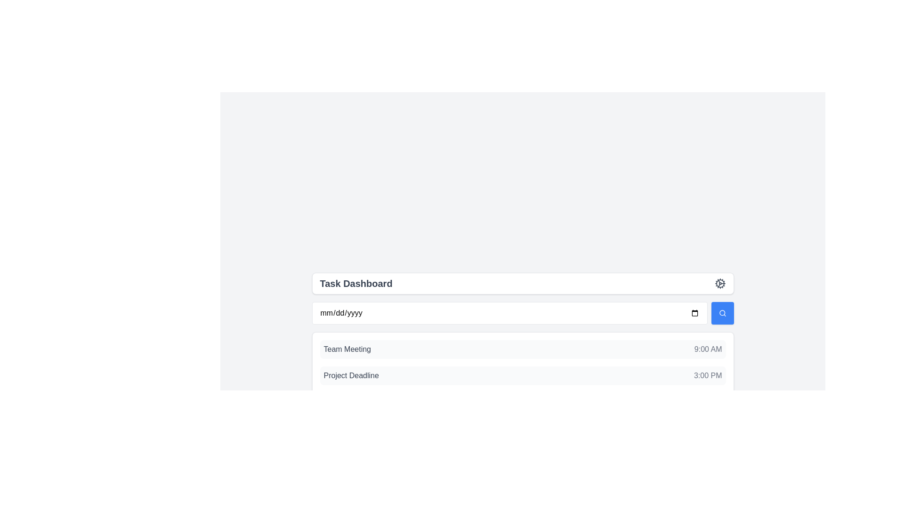 The height and width of the screenshot is (508, 904). What do you see at coordinates (719, 283) in the screenshot?
I see `the graphical component of the settings icon, which is a gear emblem located to the rightmost side of the main search input field` at bounding box center [719, 283].